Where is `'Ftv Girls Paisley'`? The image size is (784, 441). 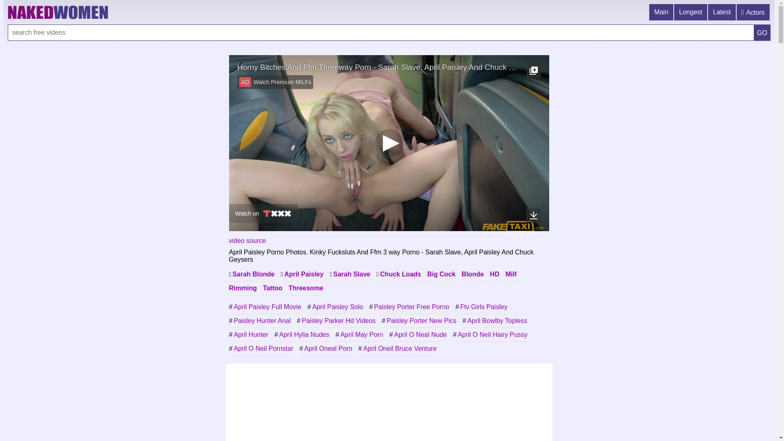 'Ftv Girls Paisley' is located at coordinates (454, 307).